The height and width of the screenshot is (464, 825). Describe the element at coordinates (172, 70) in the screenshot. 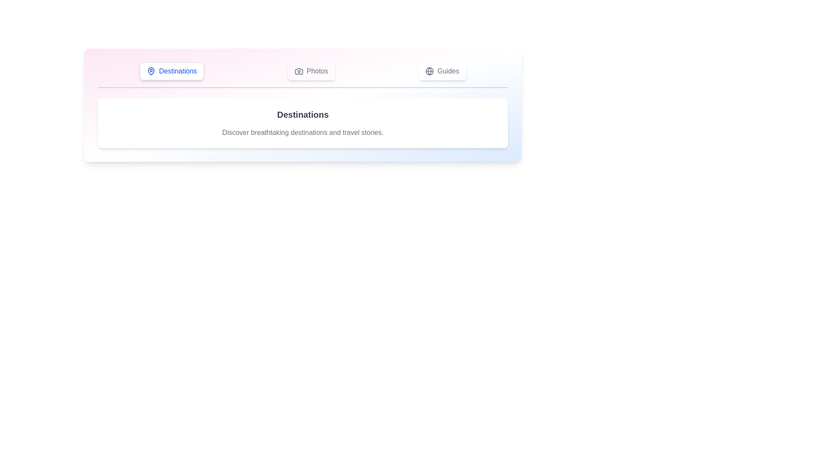

I see `the tab labeled Destinations` at that location.